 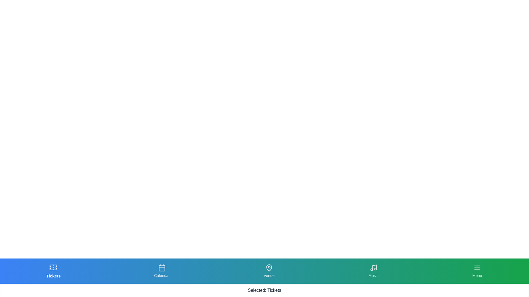 What do you see at coordinates (53, 271) in the screenshot?
I see `the tab labeled Tickets to observe its hover effect` at bounding box center [53, 271].